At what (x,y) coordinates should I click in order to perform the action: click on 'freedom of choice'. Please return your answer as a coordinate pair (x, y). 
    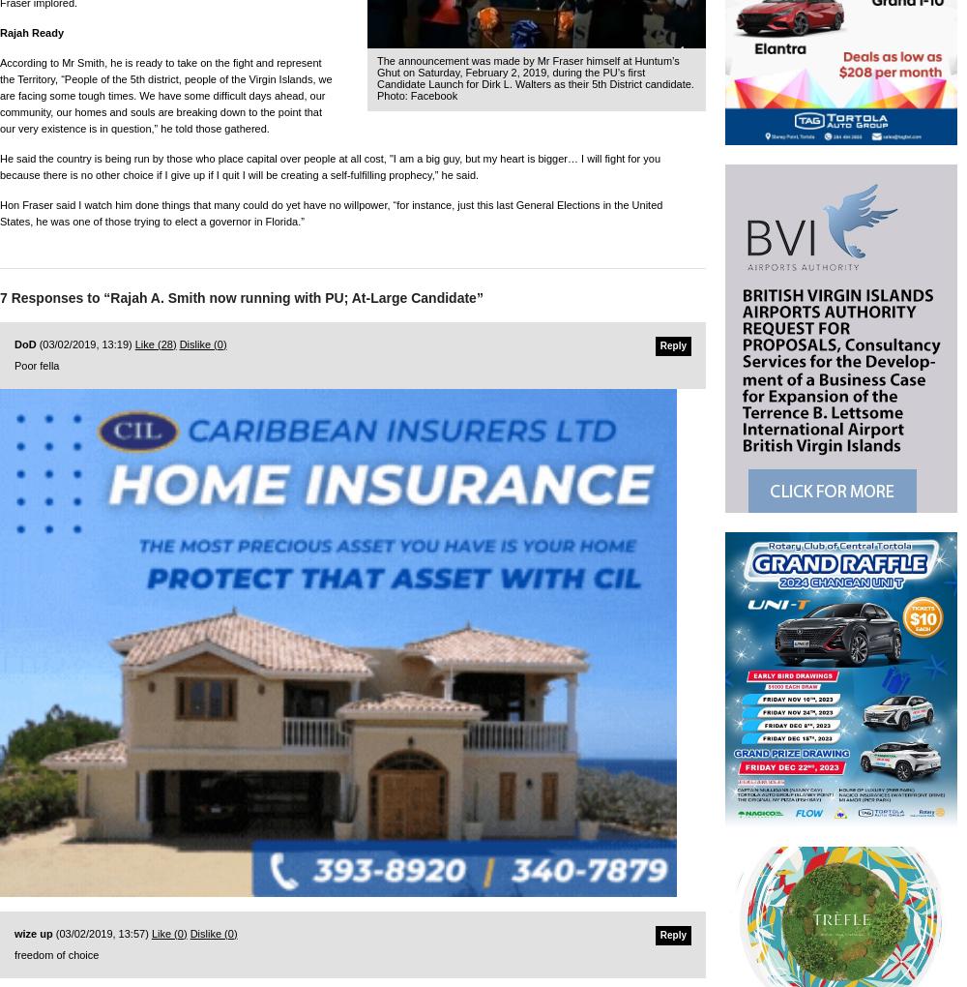
    Looking at the image, I should click on (56, 954).